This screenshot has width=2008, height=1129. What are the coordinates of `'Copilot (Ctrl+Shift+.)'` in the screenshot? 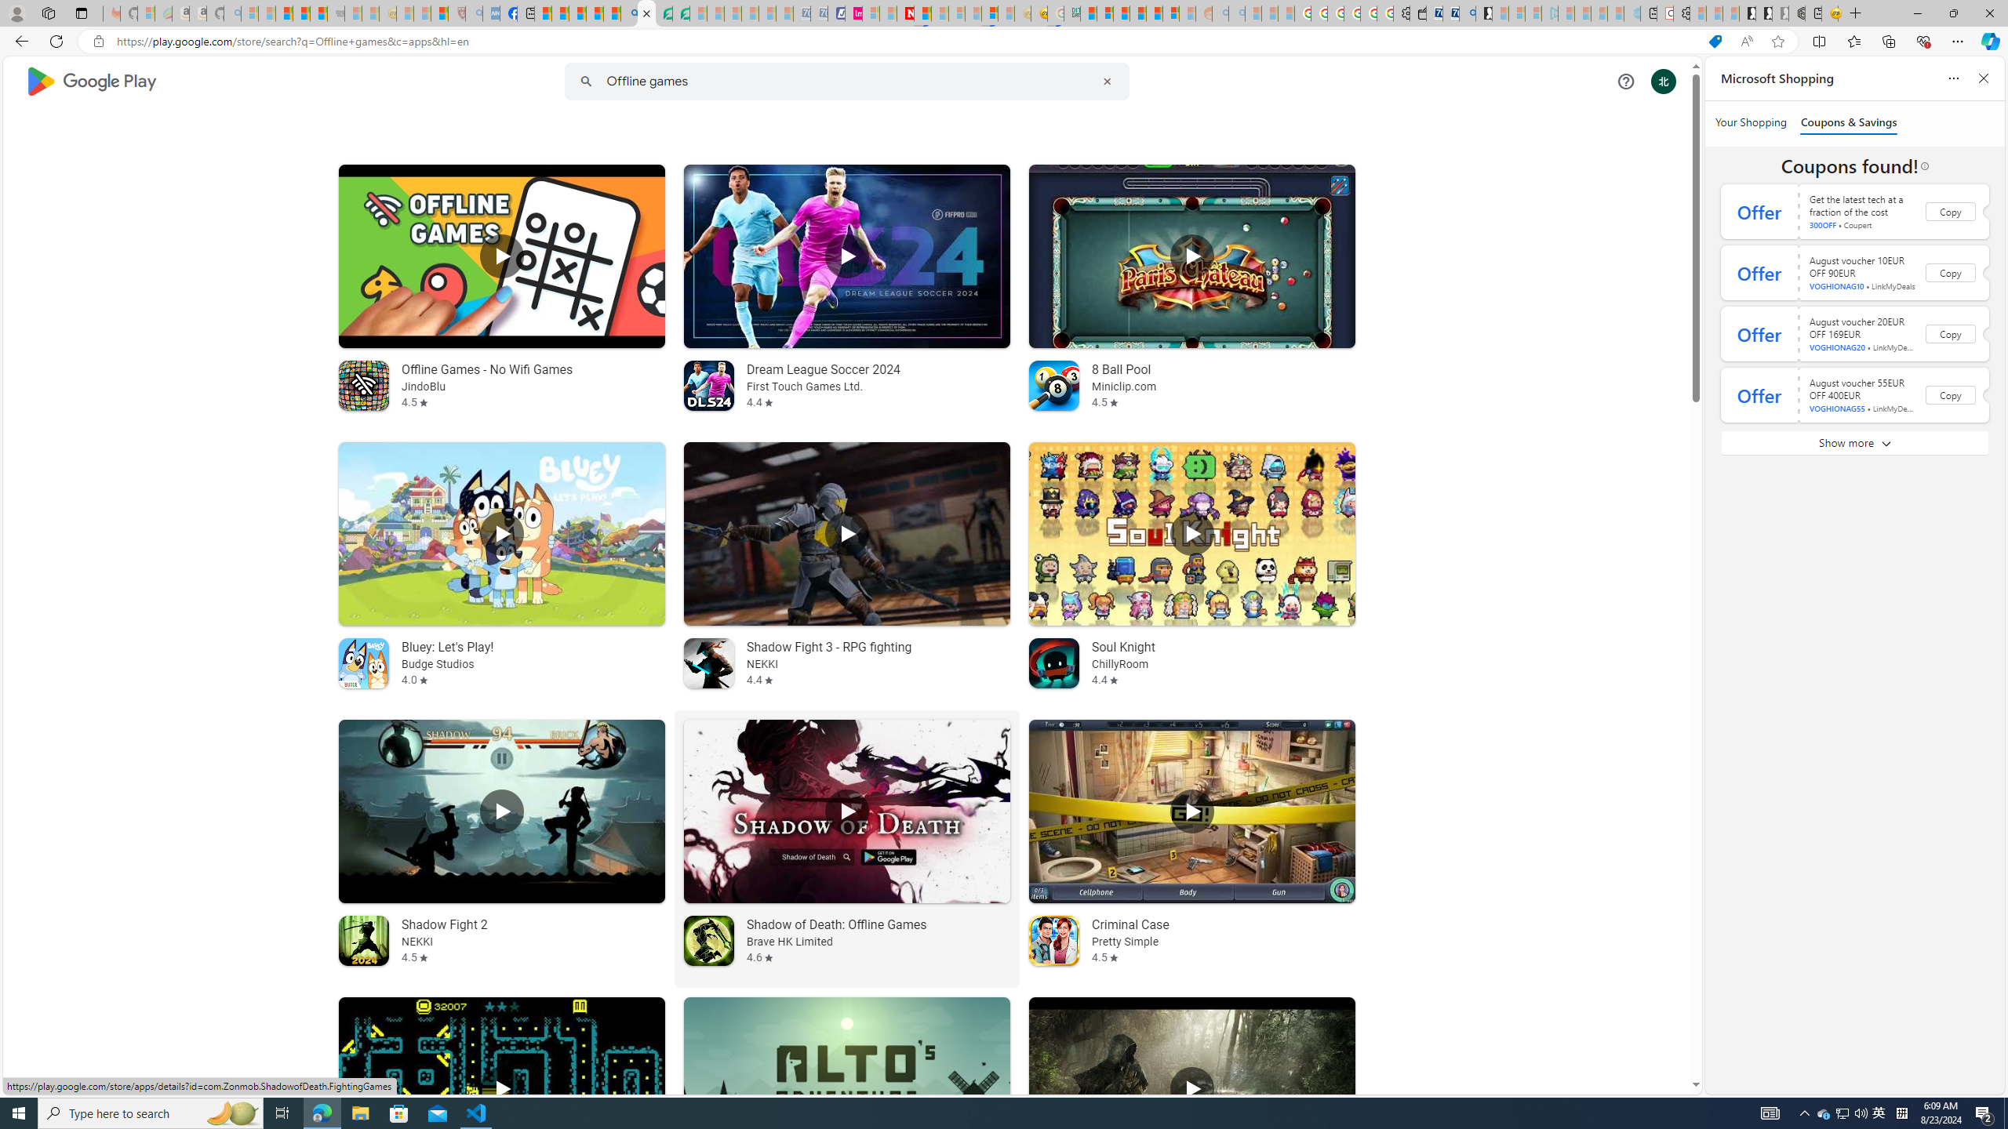 It's located at (1988, 40).